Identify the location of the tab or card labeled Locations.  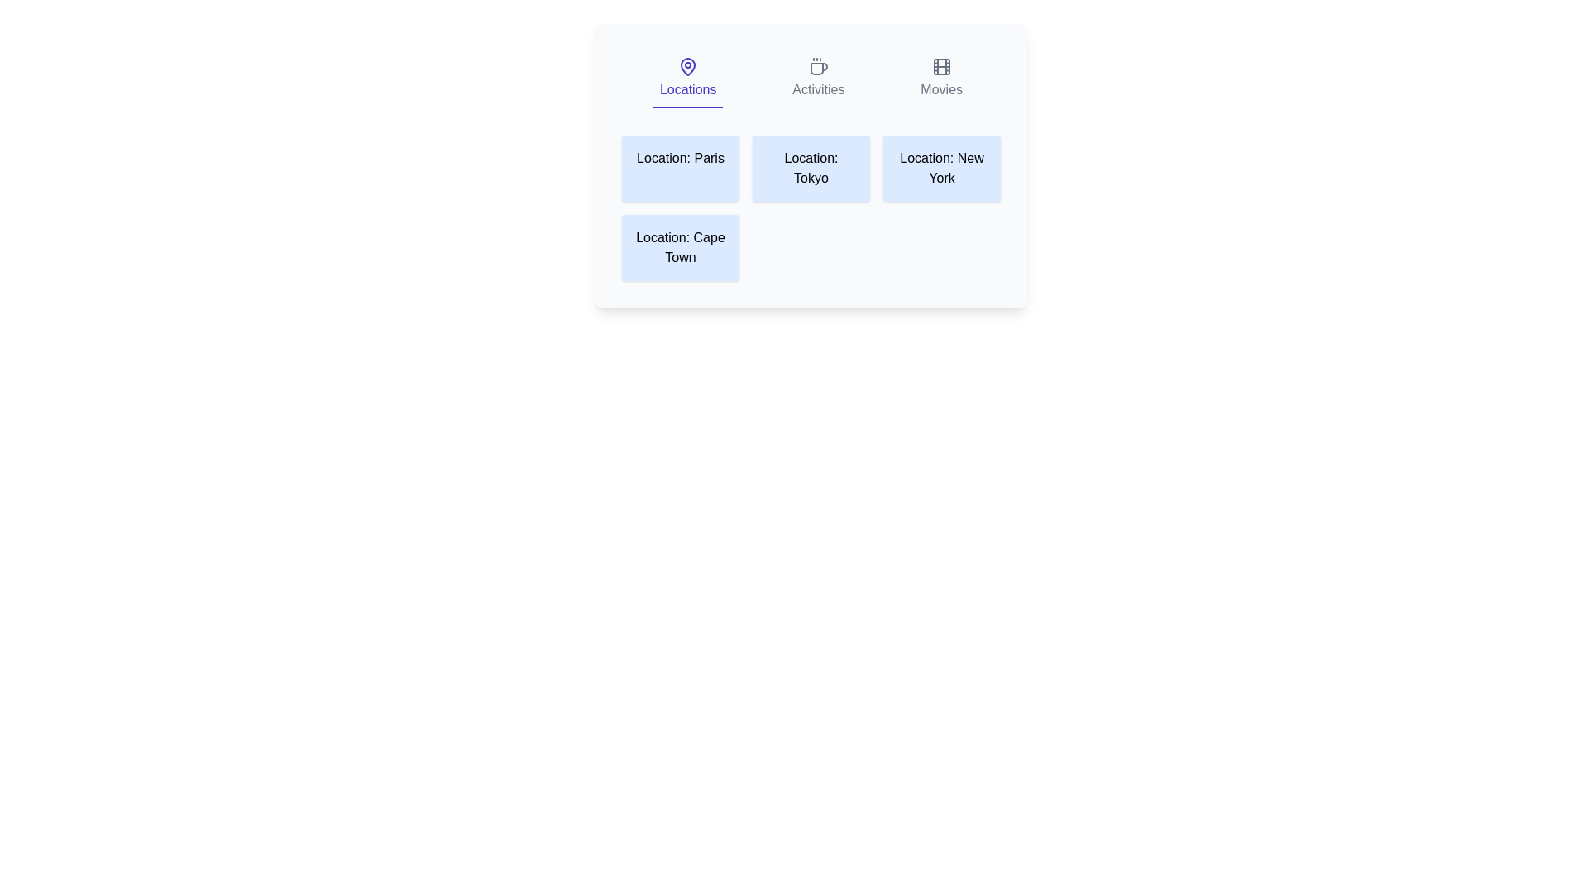
(688, 79).